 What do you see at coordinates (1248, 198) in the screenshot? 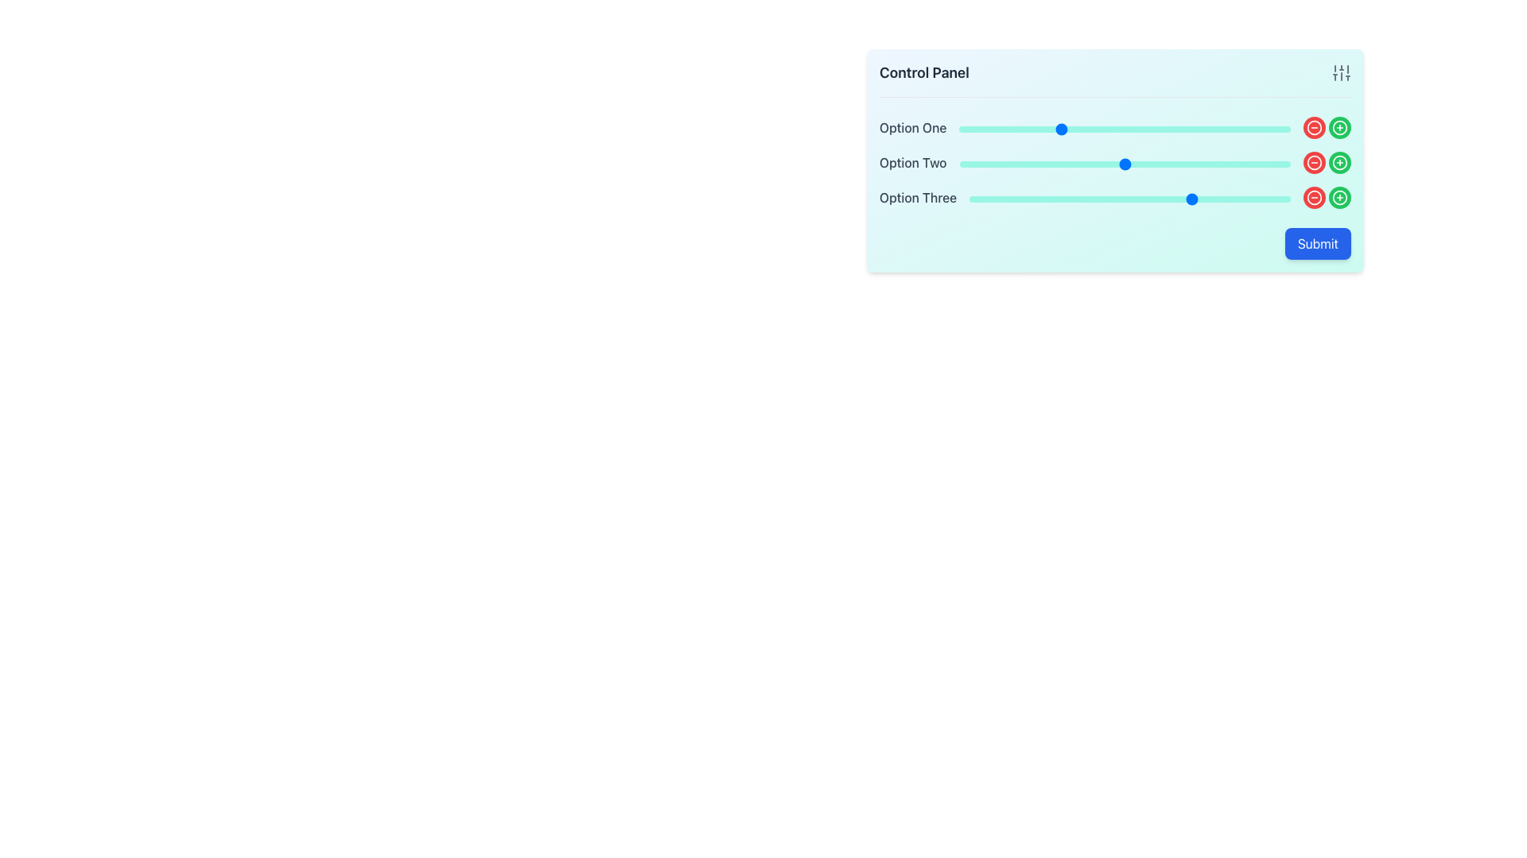
I see `the slider value` at bounding box center [1248, 198].